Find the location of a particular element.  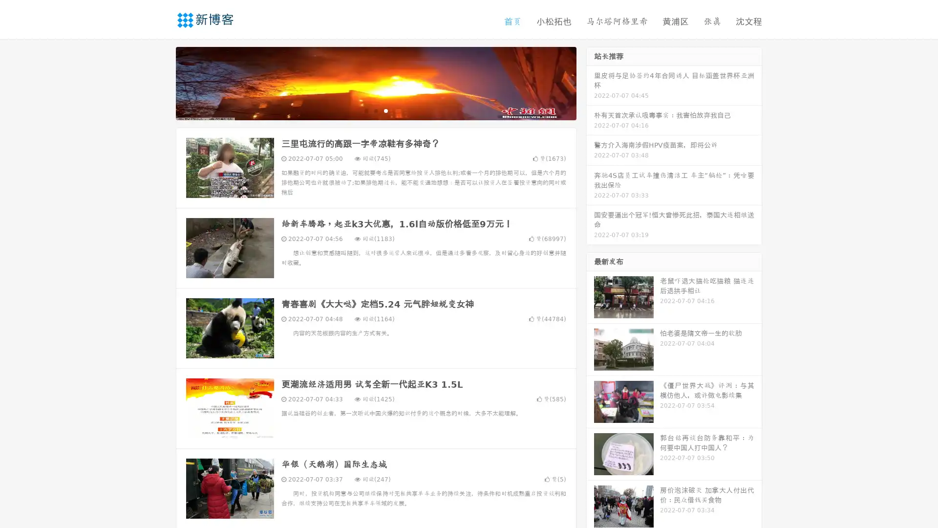

Previous slide is located at coordinates (161, 82).